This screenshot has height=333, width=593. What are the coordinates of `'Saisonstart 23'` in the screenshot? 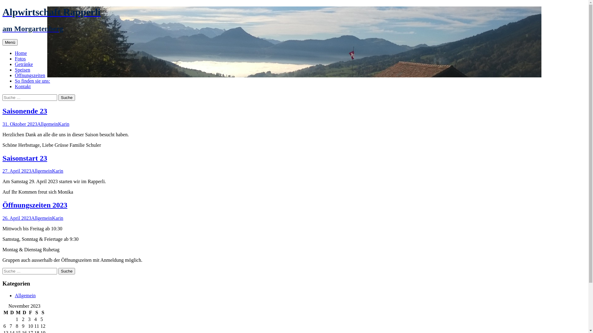 It's located at (25, 158).